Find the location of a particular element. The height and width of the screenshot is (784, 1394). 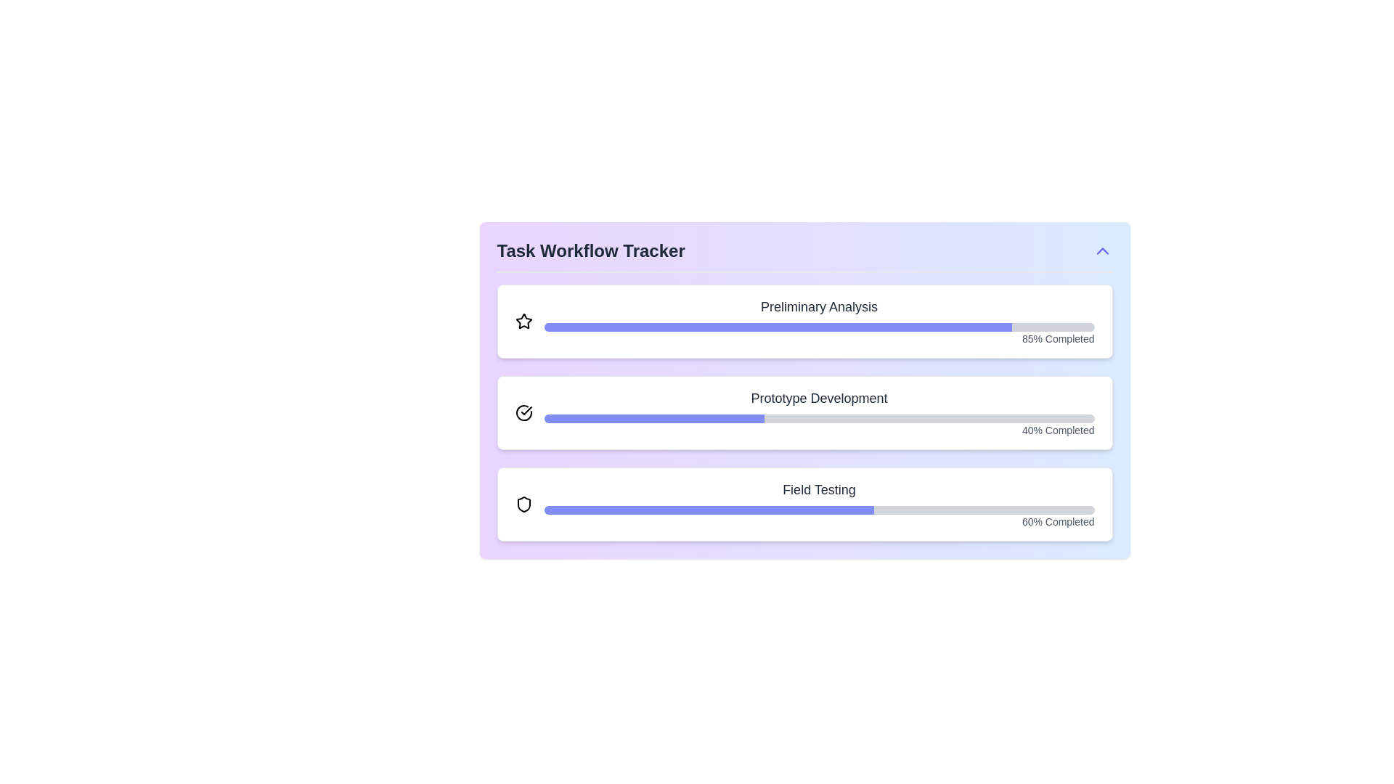

text of the header label located at the top-left of the interface, which serves as an identifier for task progress tracking is located at coordinates (591, 250).